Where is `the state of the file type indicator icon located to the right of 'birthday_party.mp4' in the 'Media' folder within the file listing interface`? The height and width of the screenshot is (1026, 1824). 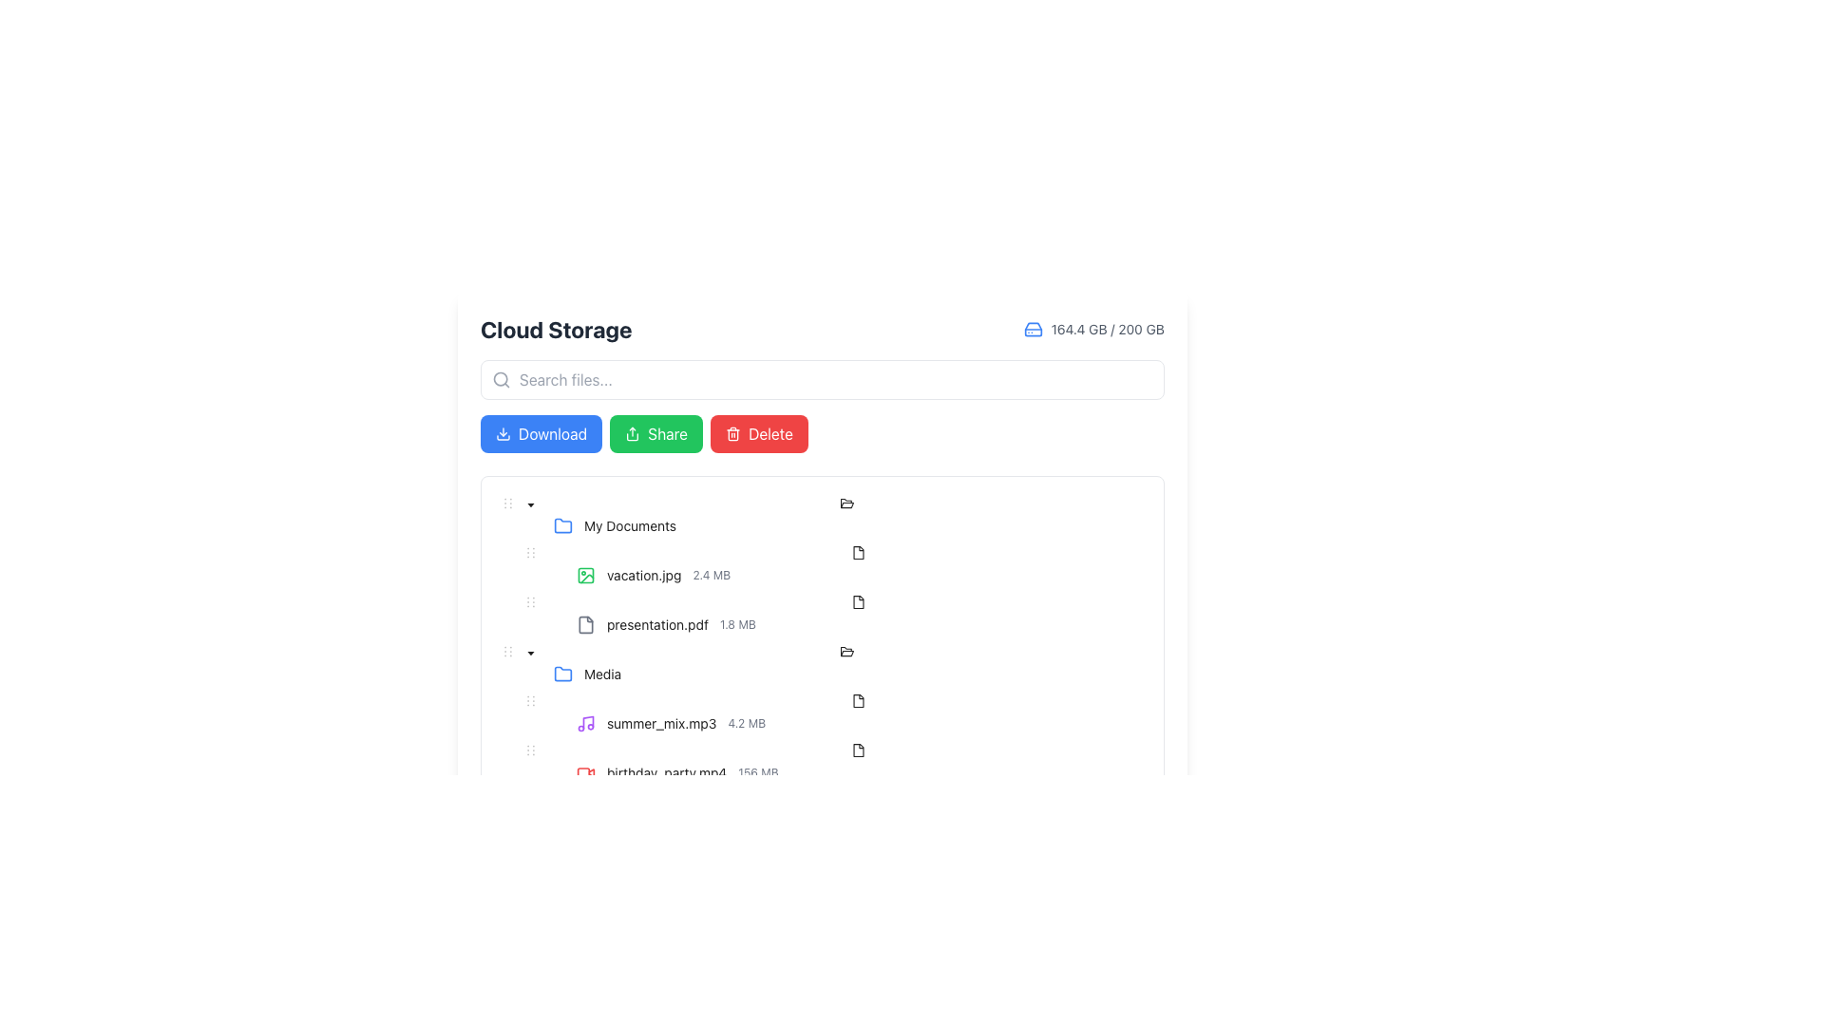
the state of the file type indicator icon located to the right of 'birthday_party.mp4' in the 'Media' folder within the file listing interface is located at coordinates (857, 700).